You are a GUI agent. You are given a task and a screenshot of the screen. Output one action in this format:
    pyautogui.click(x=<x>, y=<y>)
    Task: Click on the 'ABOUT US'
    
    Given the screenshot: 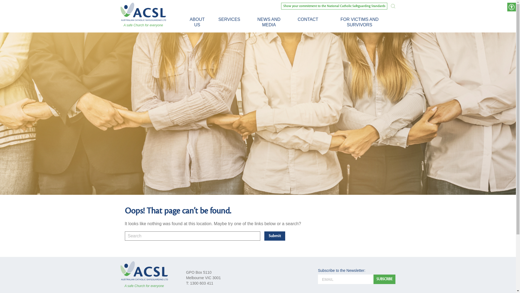 What is the action you would take?
    pyautogui.click(x=197, y=22)
    